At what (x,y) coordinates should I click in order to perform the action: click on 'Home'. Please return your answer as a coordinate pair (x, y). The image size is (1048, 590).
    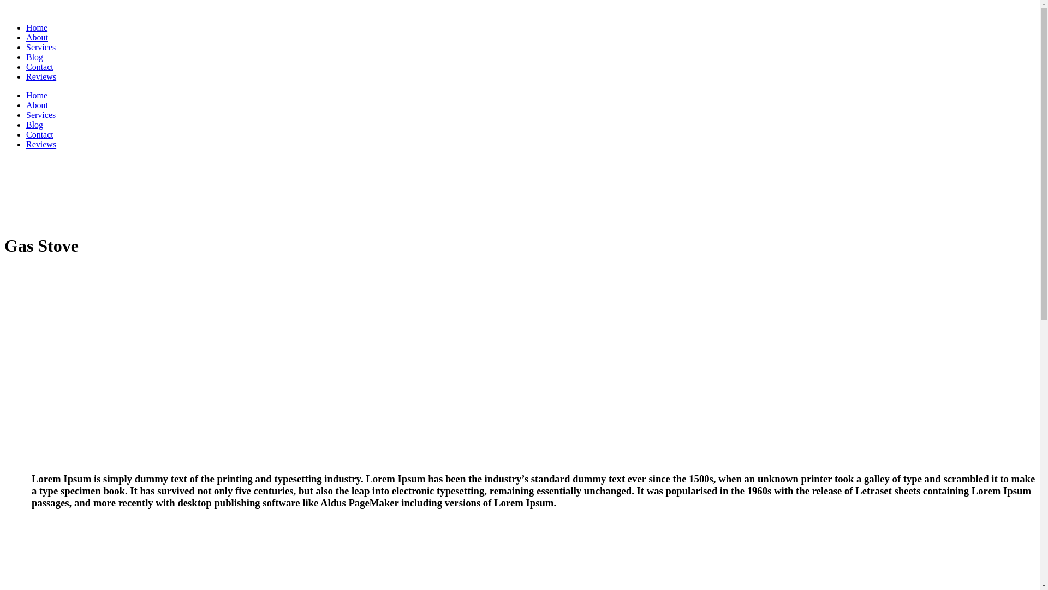
    Looking at the image, I should click on (37, 27).